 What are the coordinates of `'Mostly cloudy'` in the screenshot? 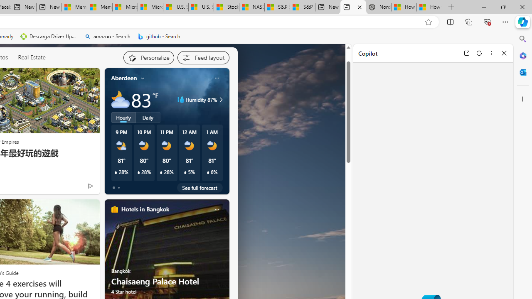 It's located at (120, 99).